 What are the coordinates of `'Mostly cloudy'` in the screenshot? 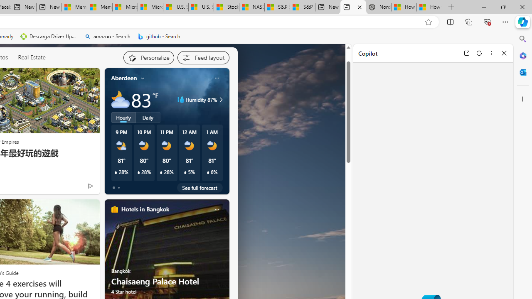 It's located at (120, 99).